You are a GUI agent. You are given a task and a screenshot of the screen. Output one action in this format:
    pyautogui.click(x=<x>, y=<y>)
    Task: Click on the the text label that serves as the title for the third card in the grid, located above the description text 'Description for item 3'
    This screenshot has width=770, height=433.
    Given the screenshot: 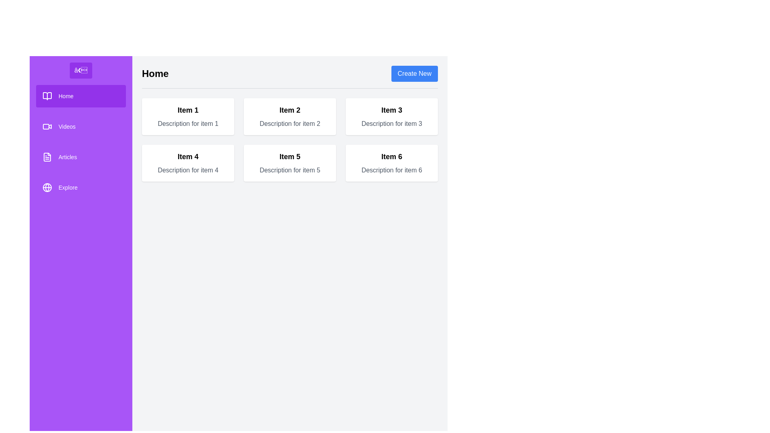 What is the action you would take?
    pyautogui.click(x=392, y=110)
    